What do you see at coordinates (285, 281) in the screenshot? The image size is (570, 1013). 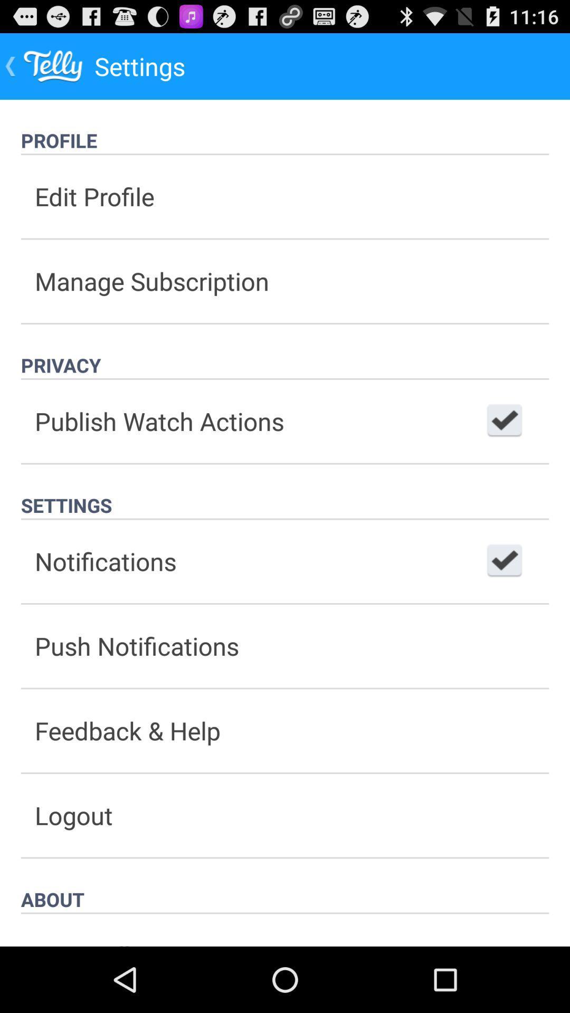 I see `the app above the privacy app` at bounding box center [285, 281].